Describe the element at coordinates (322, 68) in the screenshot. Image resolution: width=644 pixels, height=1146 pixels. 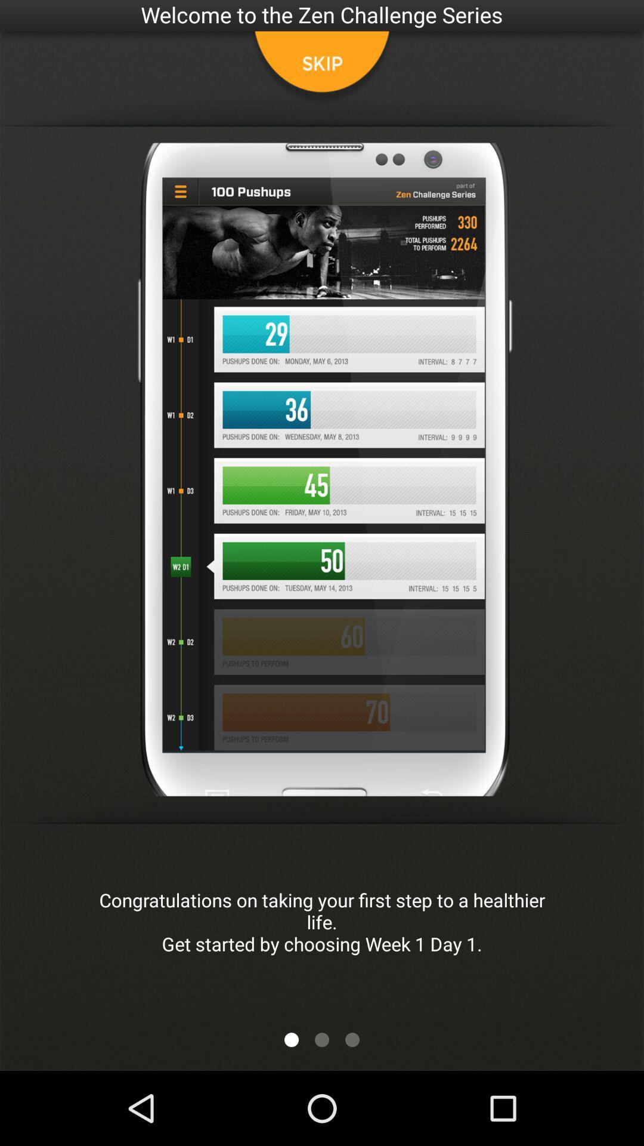
I see `skip intro` at that location.